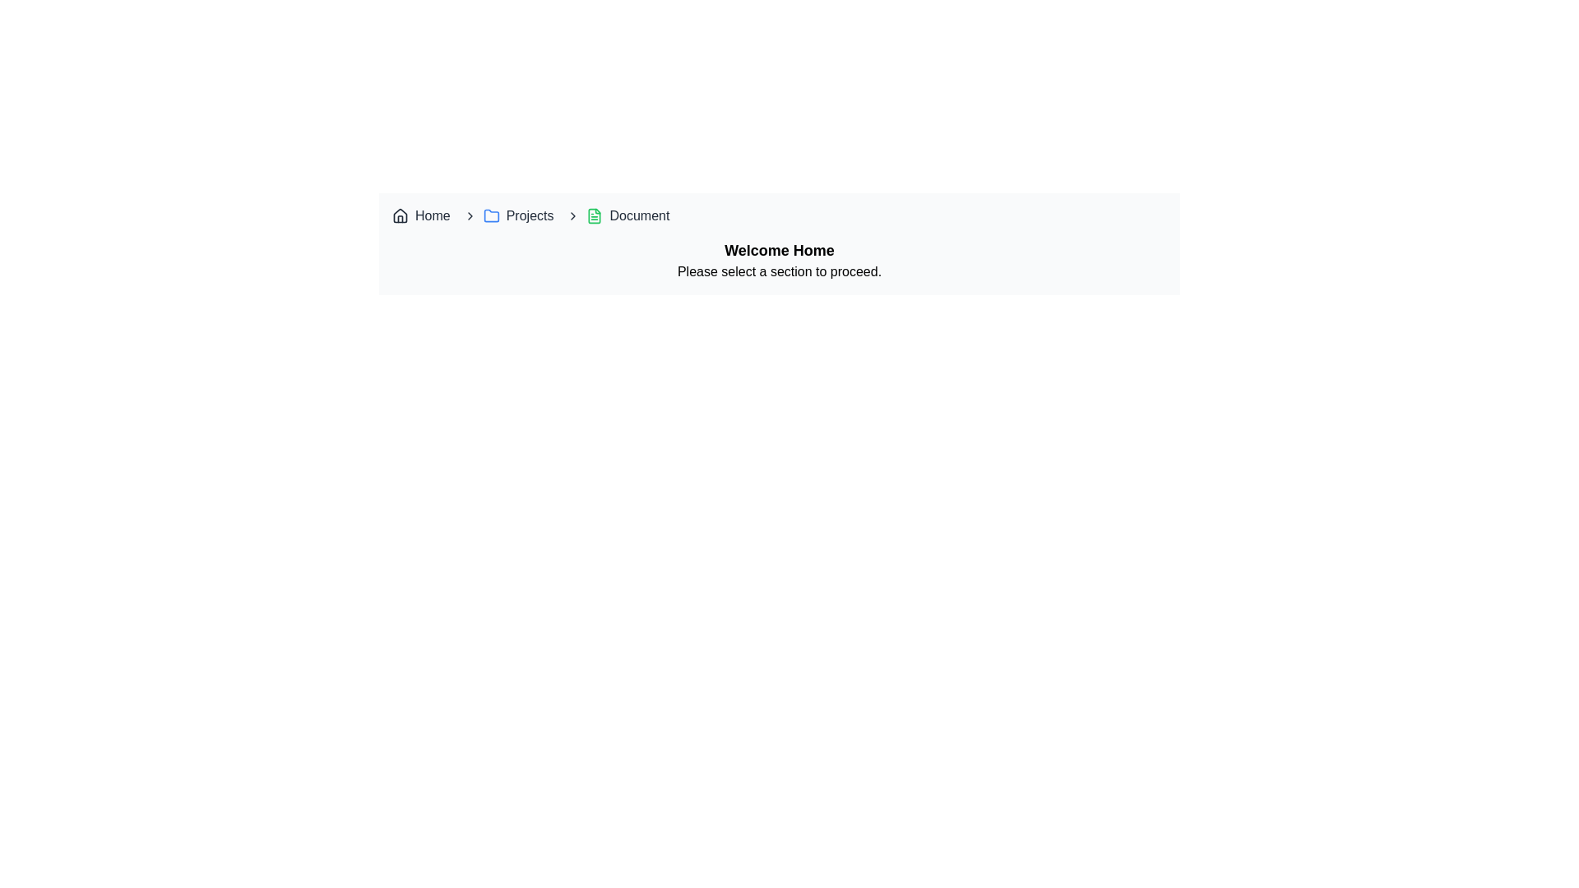 This screenshot has width=1579, height=888. I want to click on the static text label displaying 'Document' within the breadcrumb navigation component, which is the third item after 'Projects', so click(638, 215).